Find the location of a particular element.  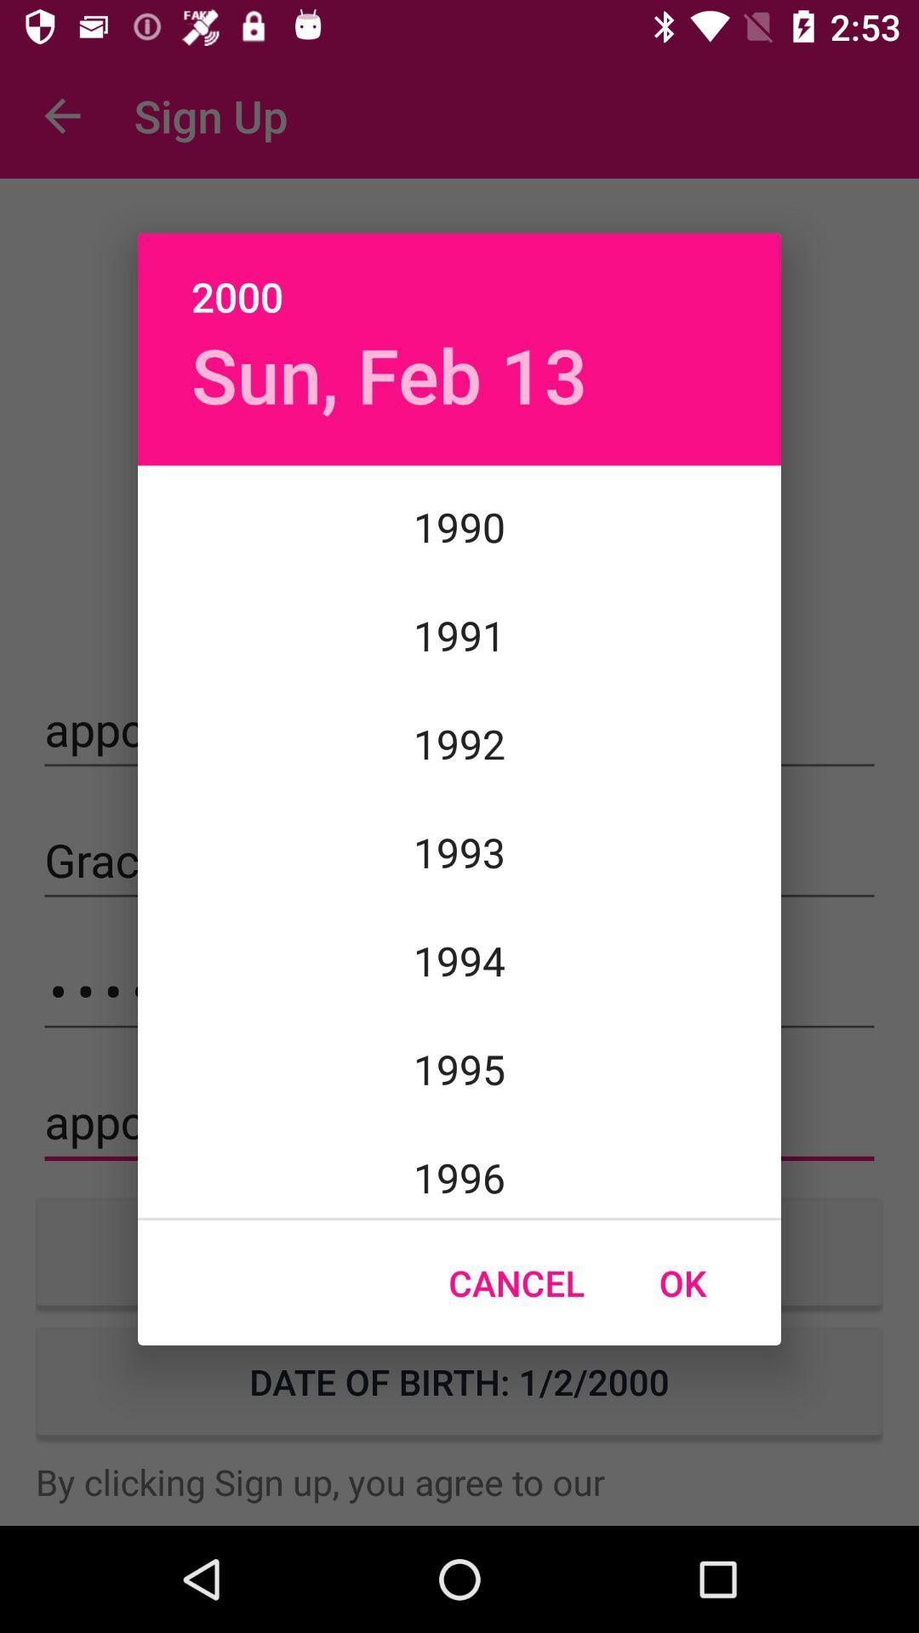

the item above 1989 icon is located at coordinates (389, 373).